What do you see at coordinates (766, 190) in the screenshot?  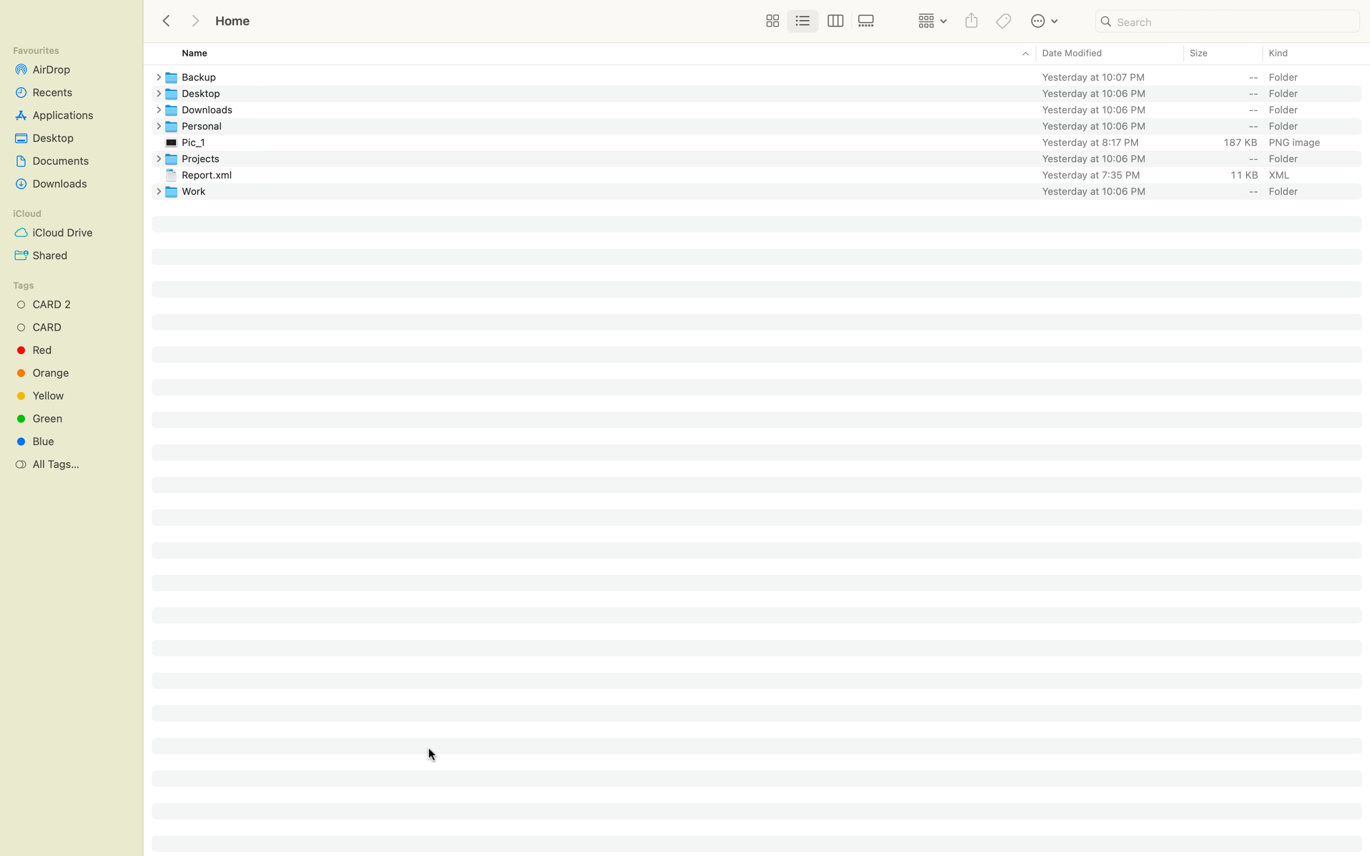 I see `Erase the final folder from the list utilizing keyboard keys` at bounding box center [766, 190].